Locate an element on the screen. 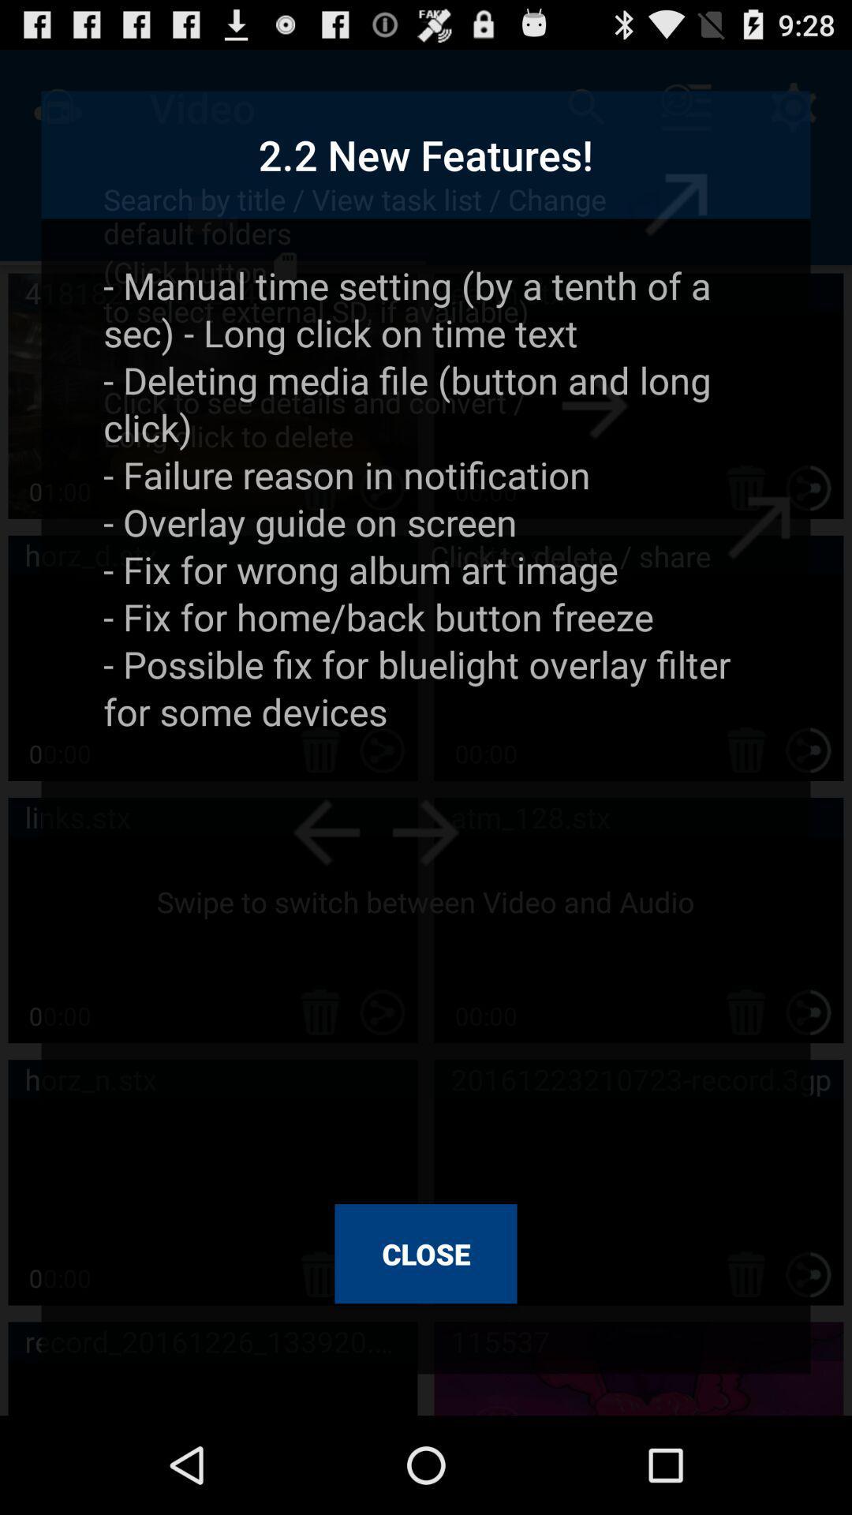 This screenshot has height=1515, width=852. close icon is located at coordinates (426, 1253).